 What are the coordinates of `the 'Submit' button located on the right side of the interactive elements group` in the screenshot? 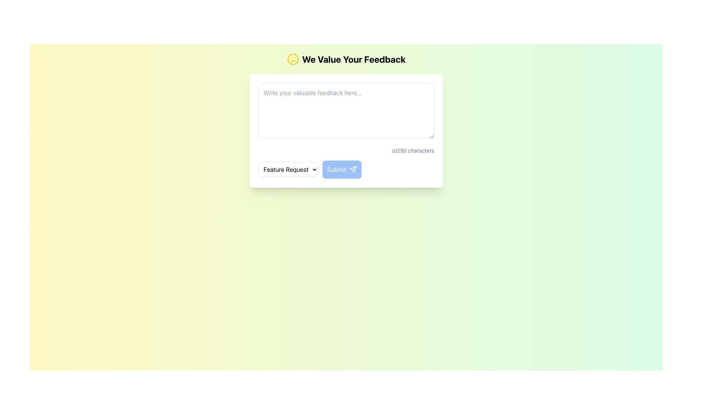 It's located at (341, 169).